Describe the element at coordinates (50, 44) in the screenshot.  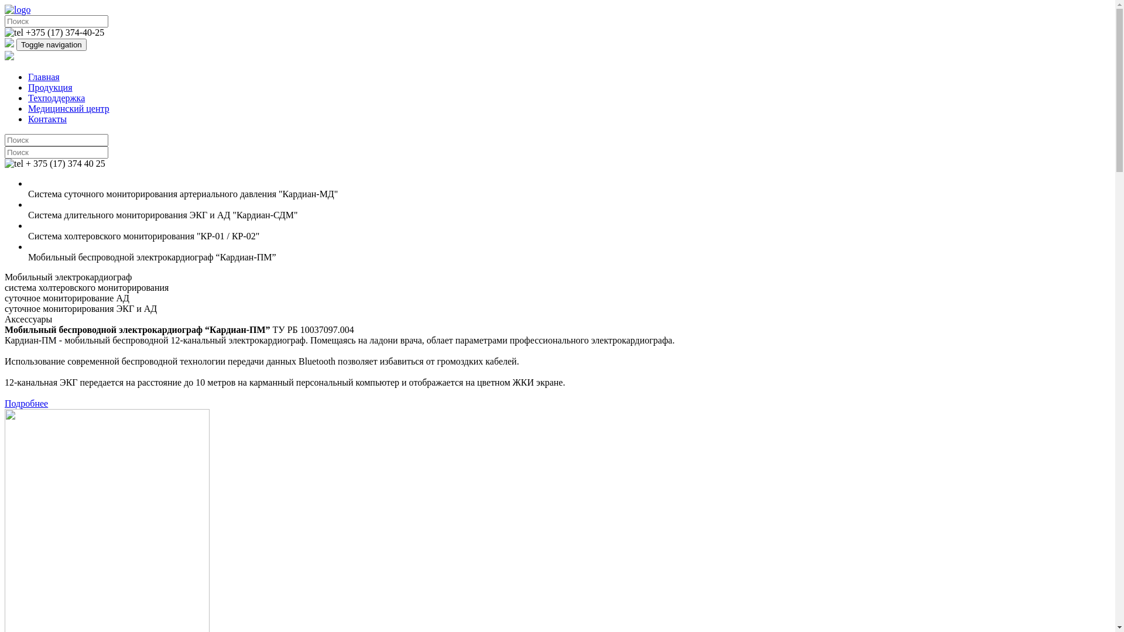
I see `'Toggle navigation'` at that location.